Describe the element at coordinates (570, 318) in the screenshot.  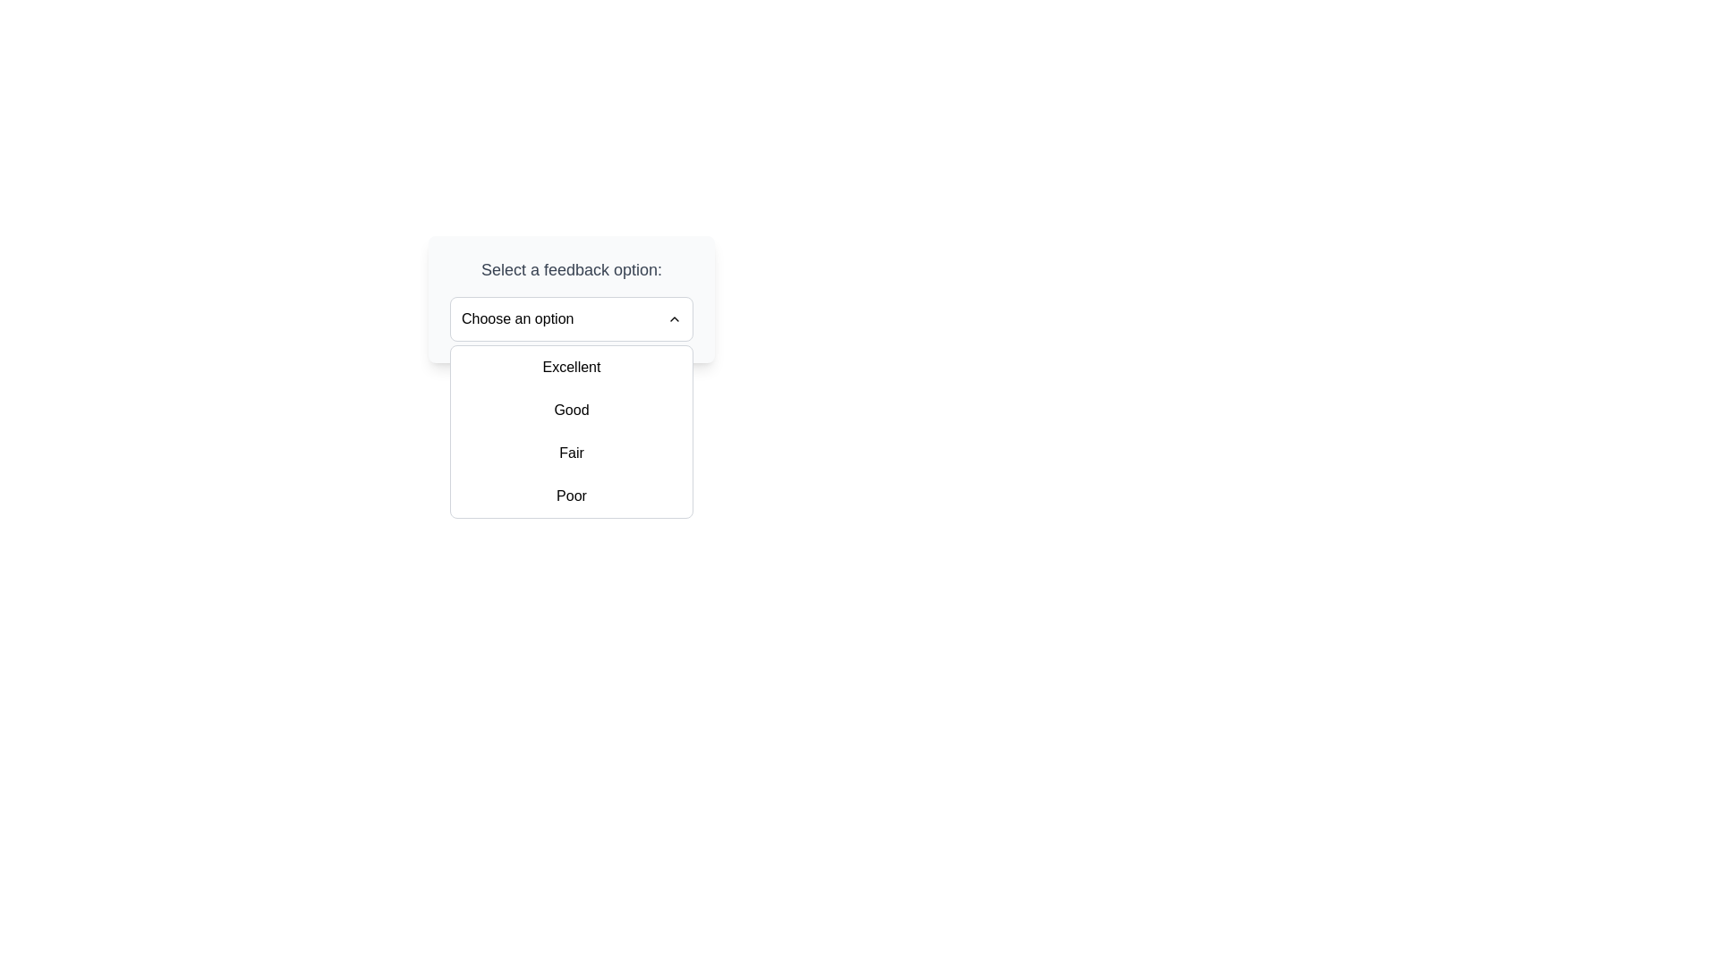
I see `the dropdown menu labeled 'Choose an option', located below the text 'Select a feedback option:', by clicking on it to display the options` at that location.